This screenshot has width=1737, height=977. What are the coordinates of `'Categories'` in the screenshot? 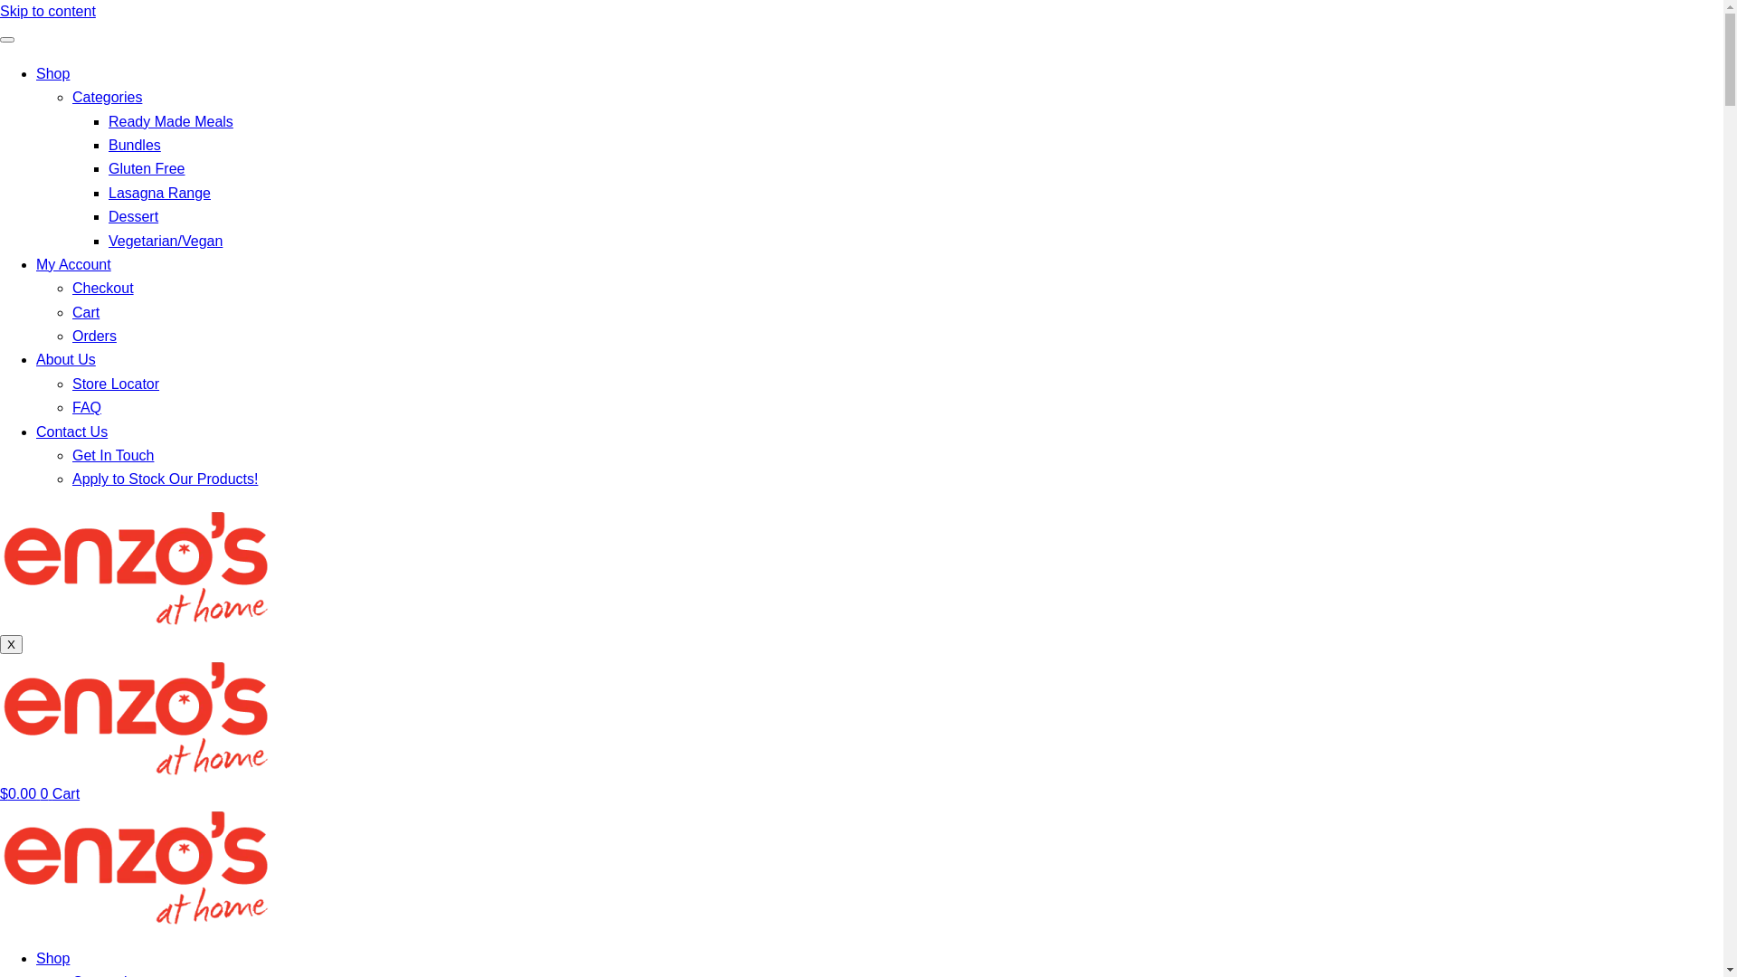 It's located at (106, 97).